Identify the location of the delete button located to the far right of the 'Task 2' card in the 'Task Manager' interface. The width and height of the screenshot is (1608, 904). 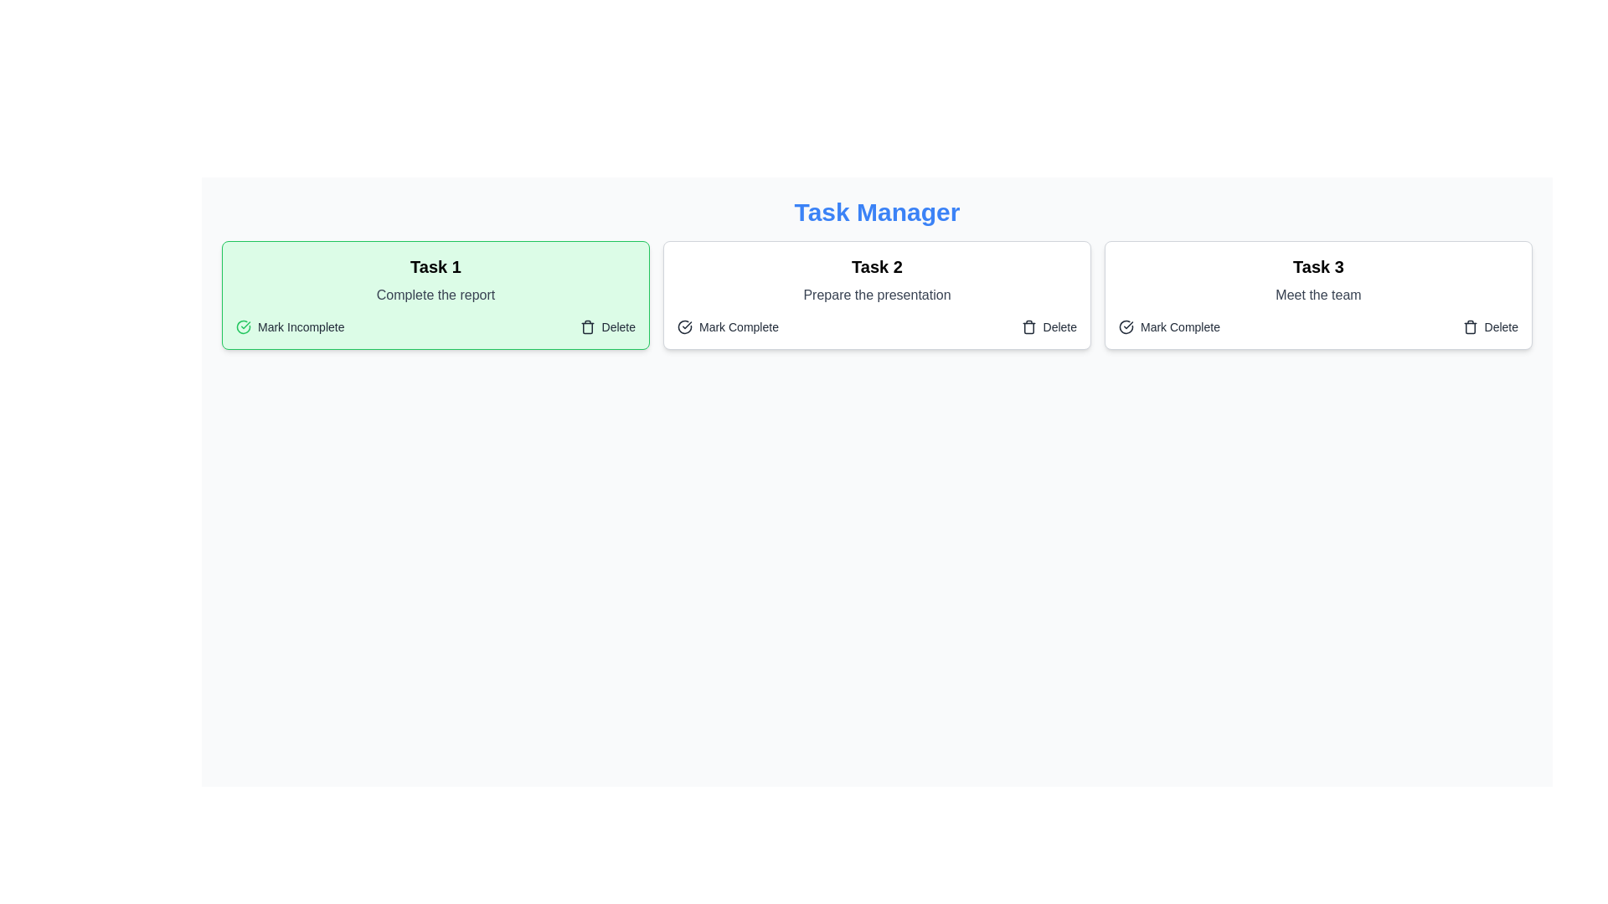
(1028, 326).